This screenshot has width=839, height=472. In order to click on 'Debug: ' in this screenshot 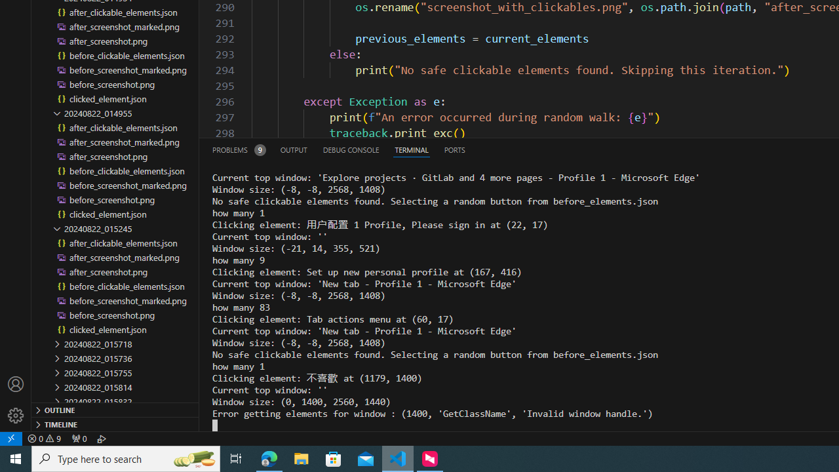, I will do `click(101, 438)`.